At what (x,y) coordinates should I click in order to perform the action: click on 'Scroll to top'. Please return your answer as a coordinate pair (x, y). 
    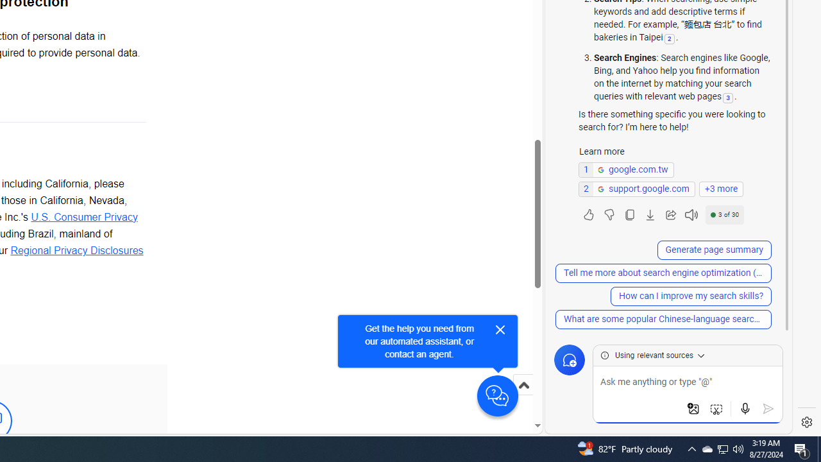
    Looking at the image, I should click on (523, 398).